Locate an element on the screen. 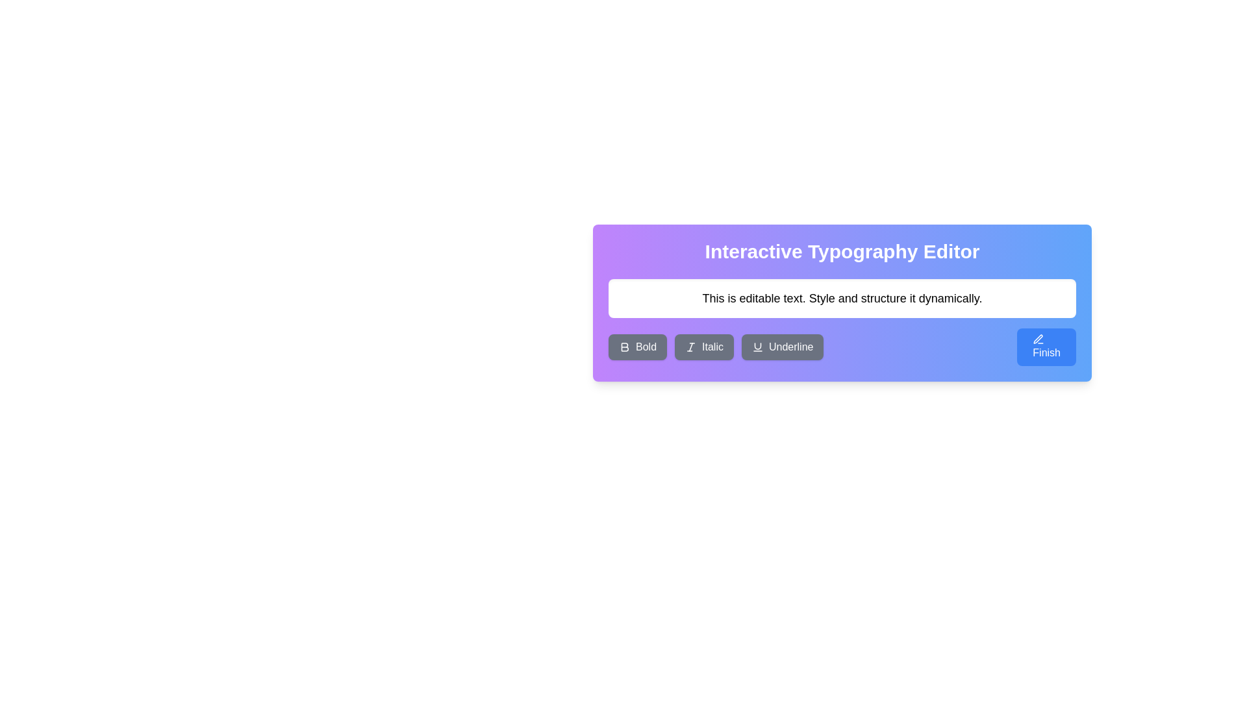 This screenshot has height=701, width=1247. the pen icon located in the bottom-right corner of the interface, next to the 'Finish' button is located at coordinates (1037, 338).